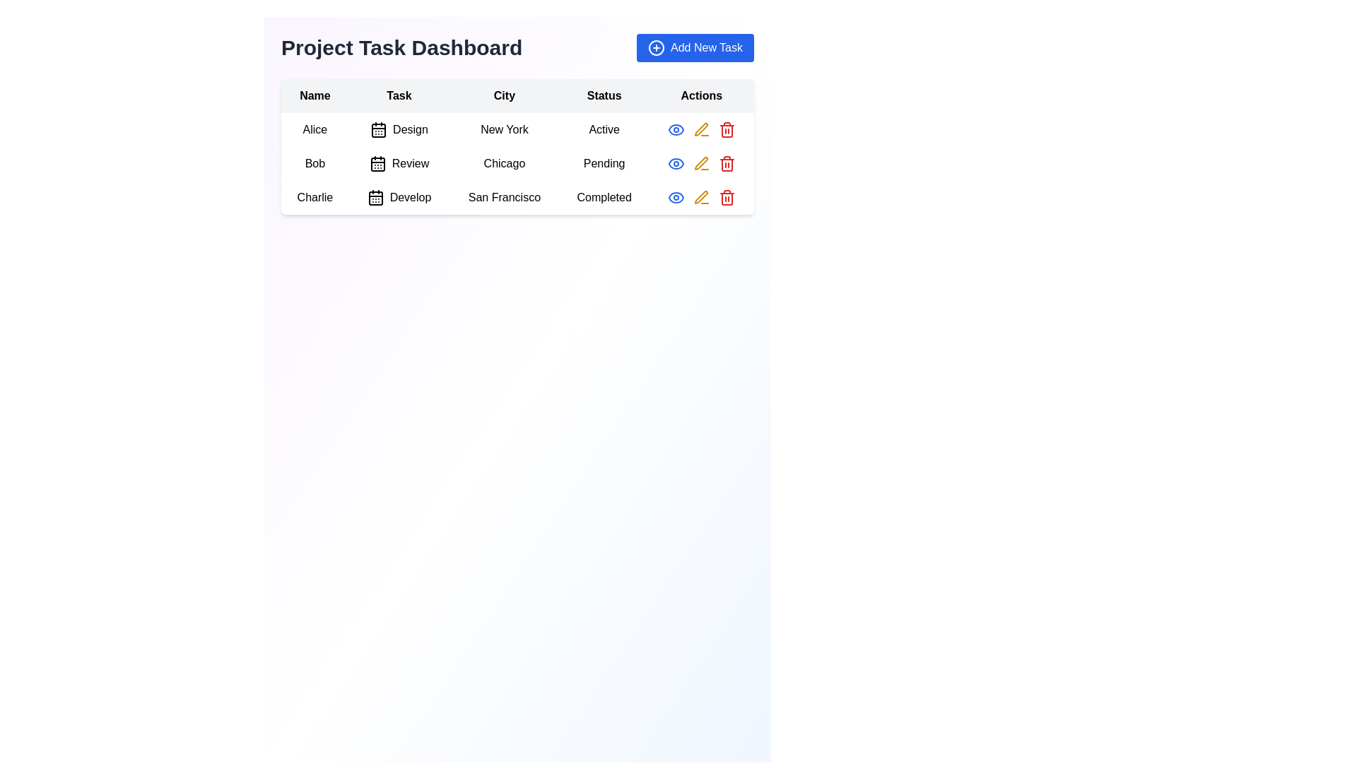 The width and height of the screenshot is (1357, 763). Describe the element at coordinates (656, 47) in the screenshot. I see `the circular vector graphic within the 'Add New Task' button that resembles a plus symbol, located in the top-right corner of the 'Project Task Dashboard'` at that location.